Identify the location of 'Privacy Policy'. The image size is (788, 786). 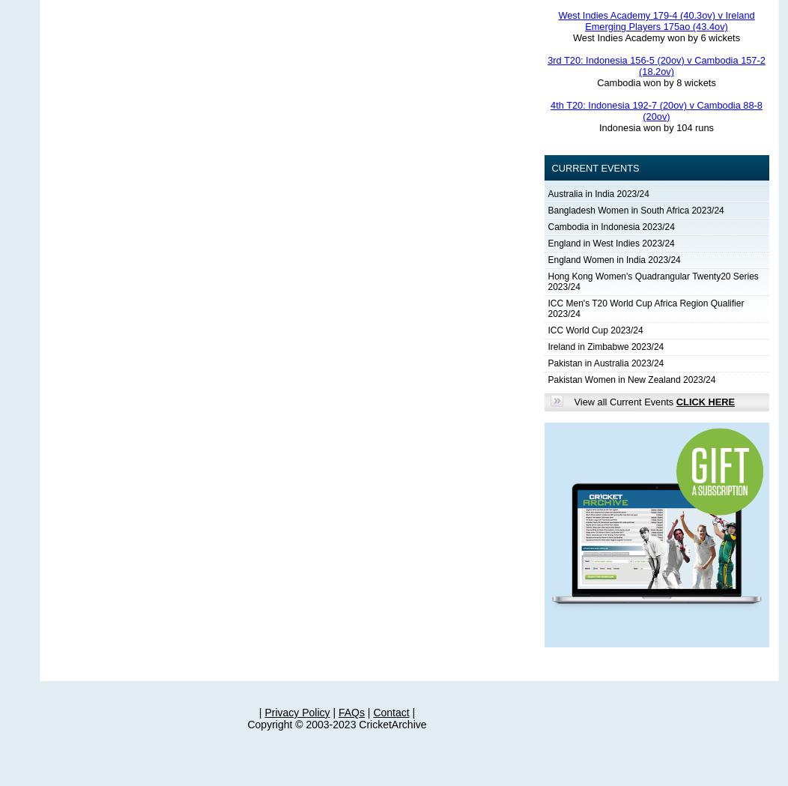
(296, 713).